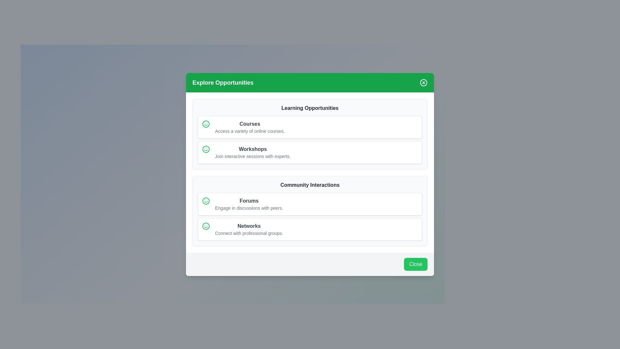 This screenshot has height=349, width=620. What do you see at coordinates (310, 108) in the screenshot?
I see `the 'Learning Opportunities' header to identify the section purpose` at bounding box center [310, 108].